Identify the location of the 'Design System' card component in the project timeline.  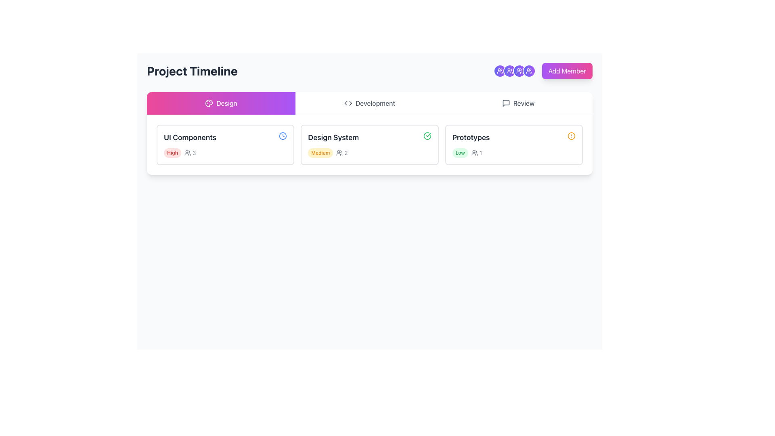
(369, 144).